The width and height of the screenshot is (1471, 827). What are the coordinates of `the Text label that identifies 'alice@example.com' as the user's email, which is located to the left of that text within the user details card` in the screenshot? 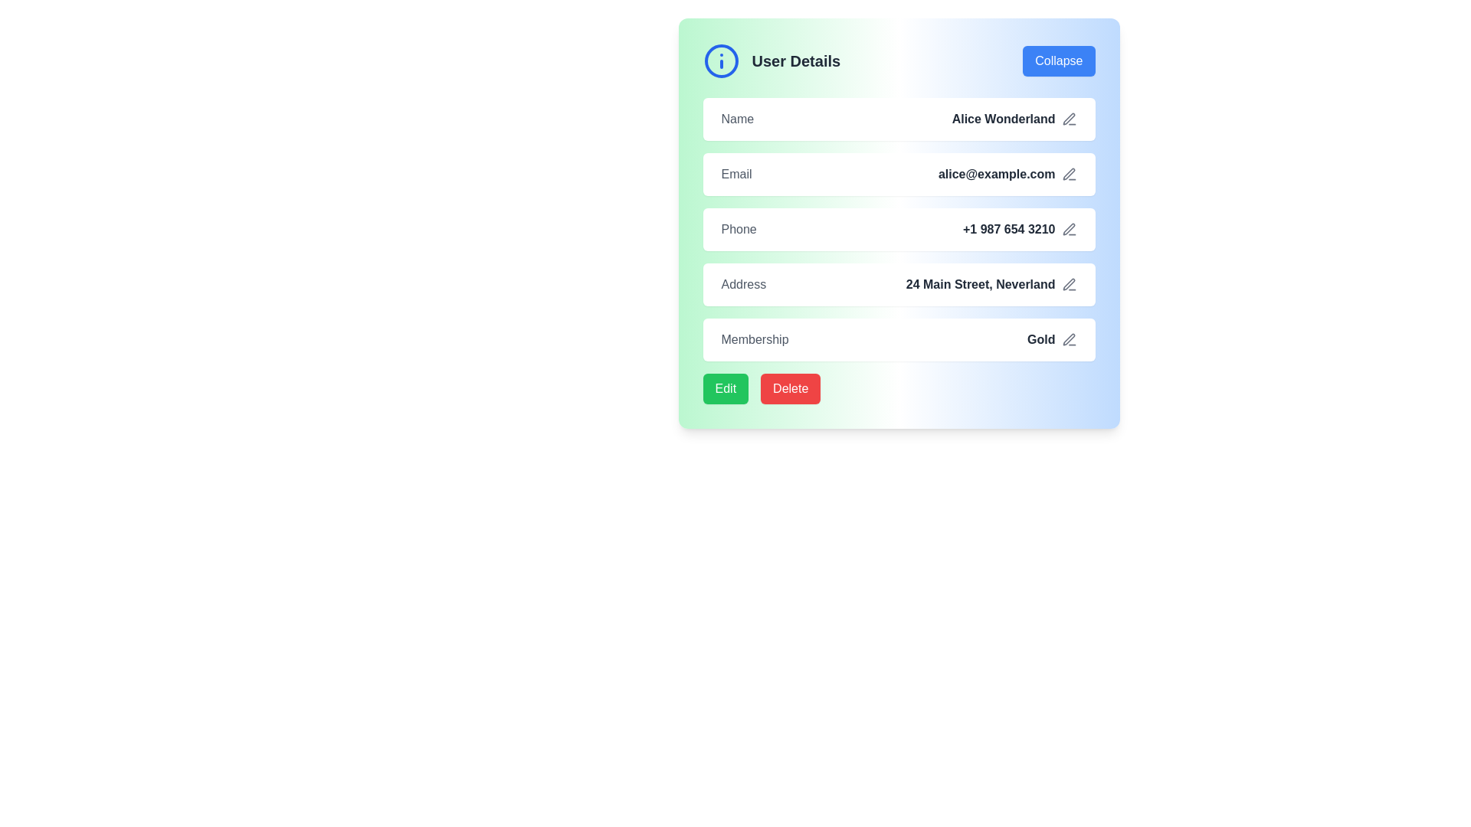 It's located at (736, 173).